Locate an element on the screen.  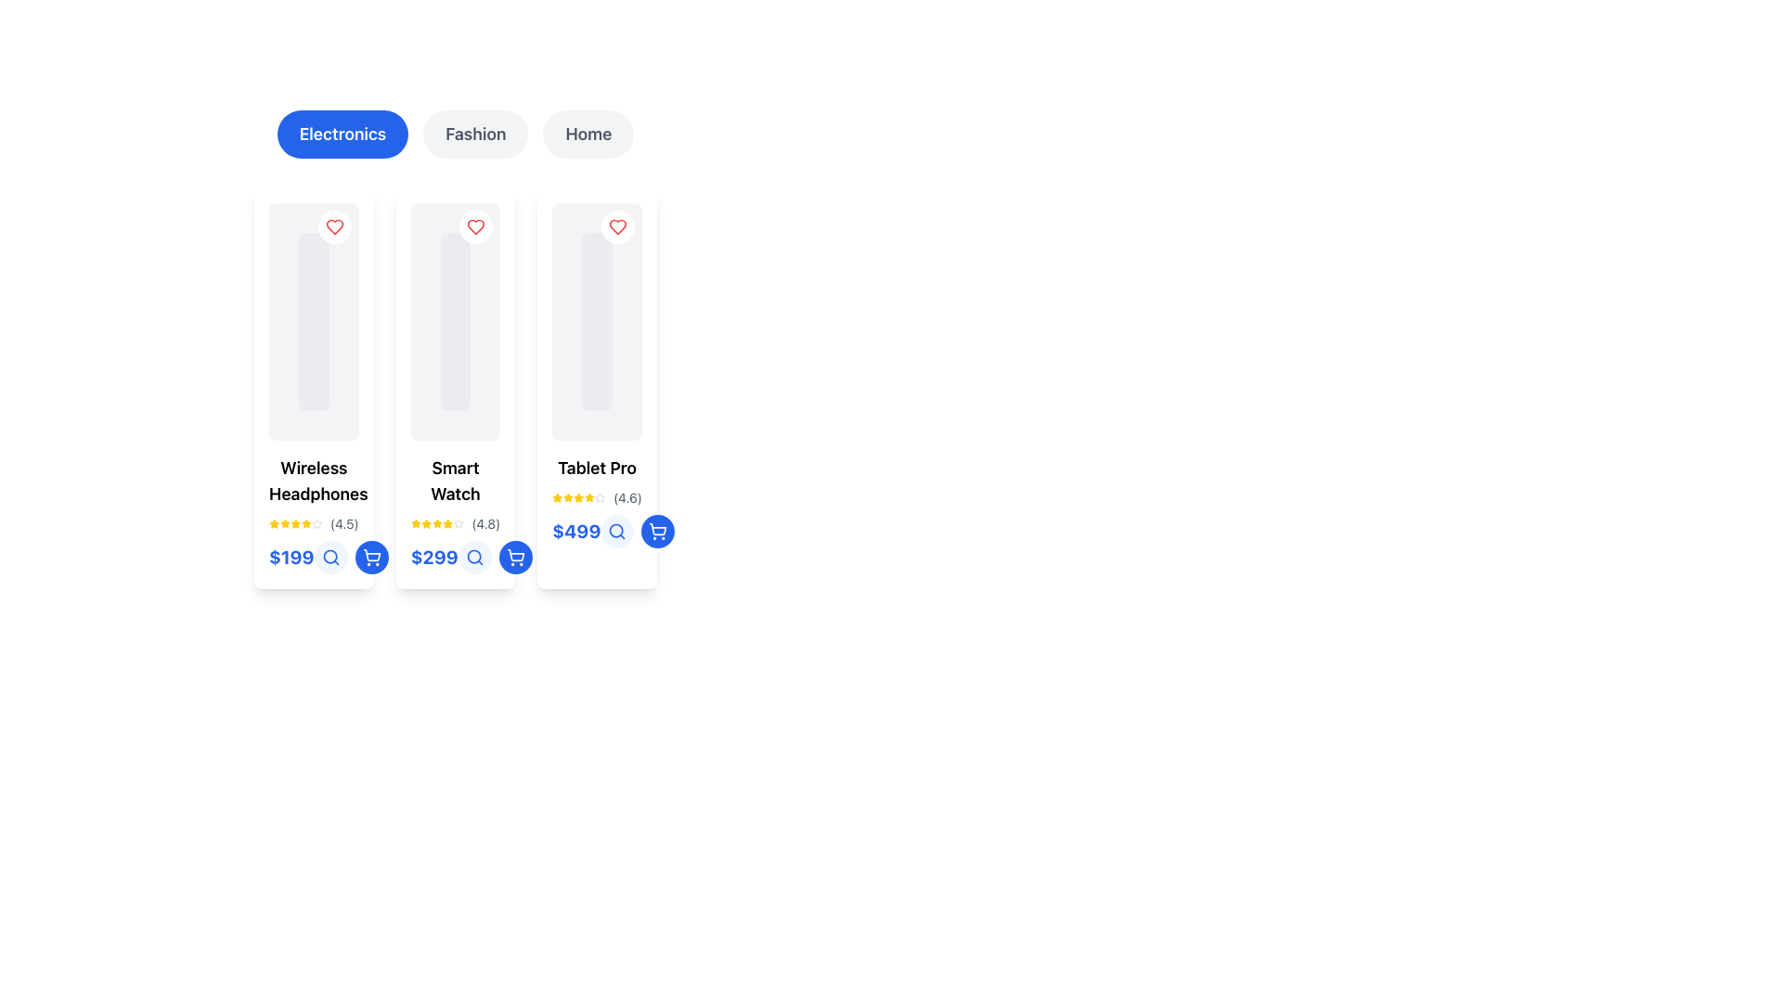
the sixth unfilled rating star icon under the product 'Tablet Pro' in the card layout is located at coordinates (600, 496).